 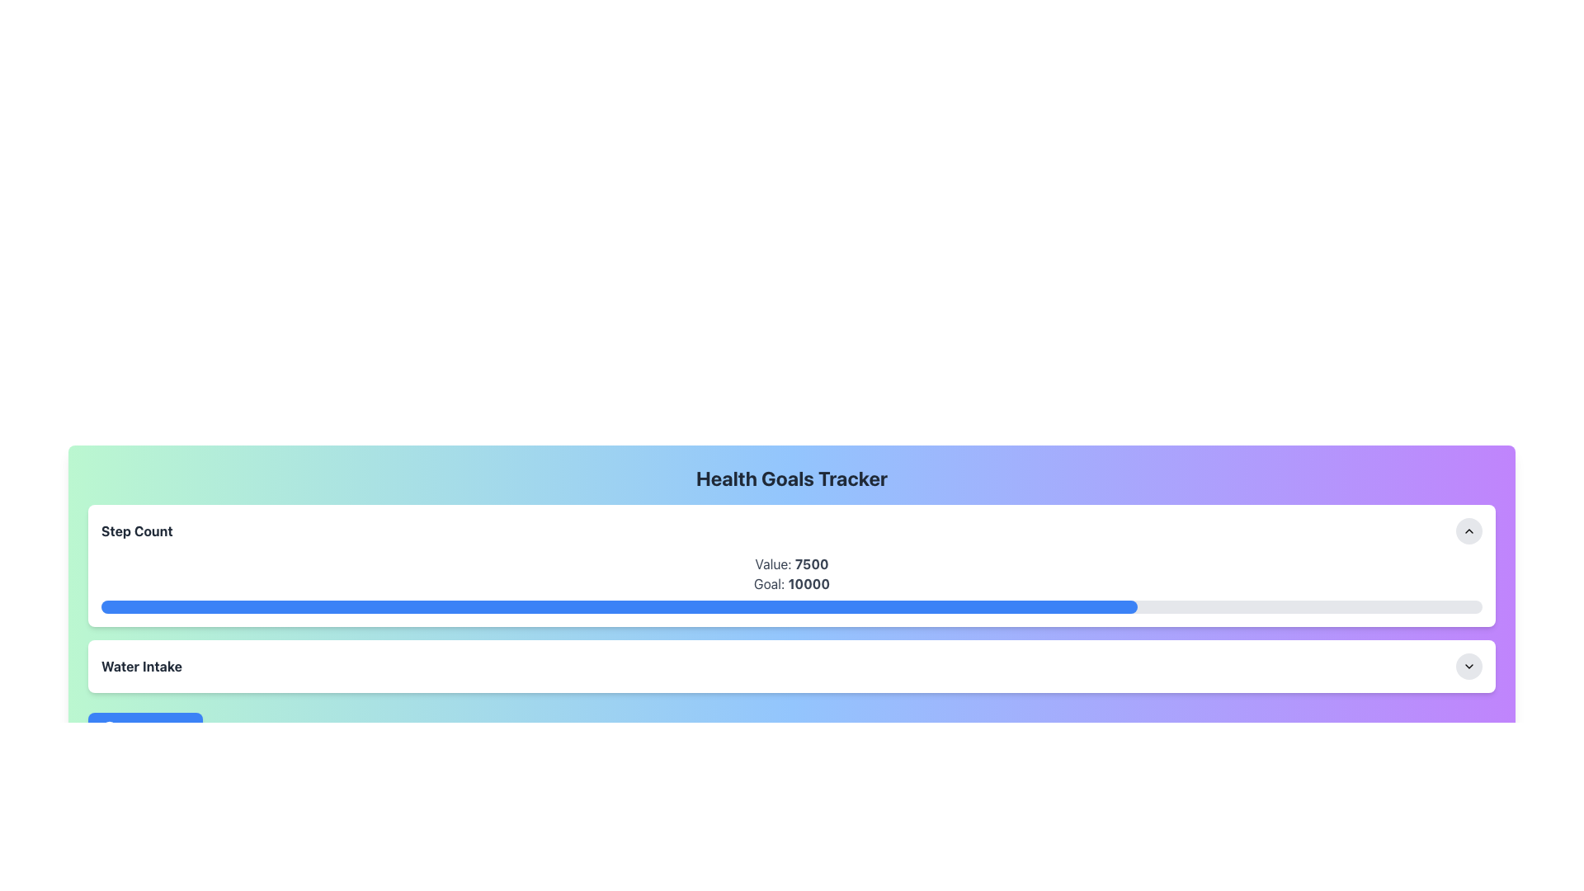 What do you see at coordinates (109, 728) in the screenshot?
I see `the circular icon with a plus sign in the center, located within the 'Add Metric' button, as a decorative part of the button` at bounding box center [109, 728].